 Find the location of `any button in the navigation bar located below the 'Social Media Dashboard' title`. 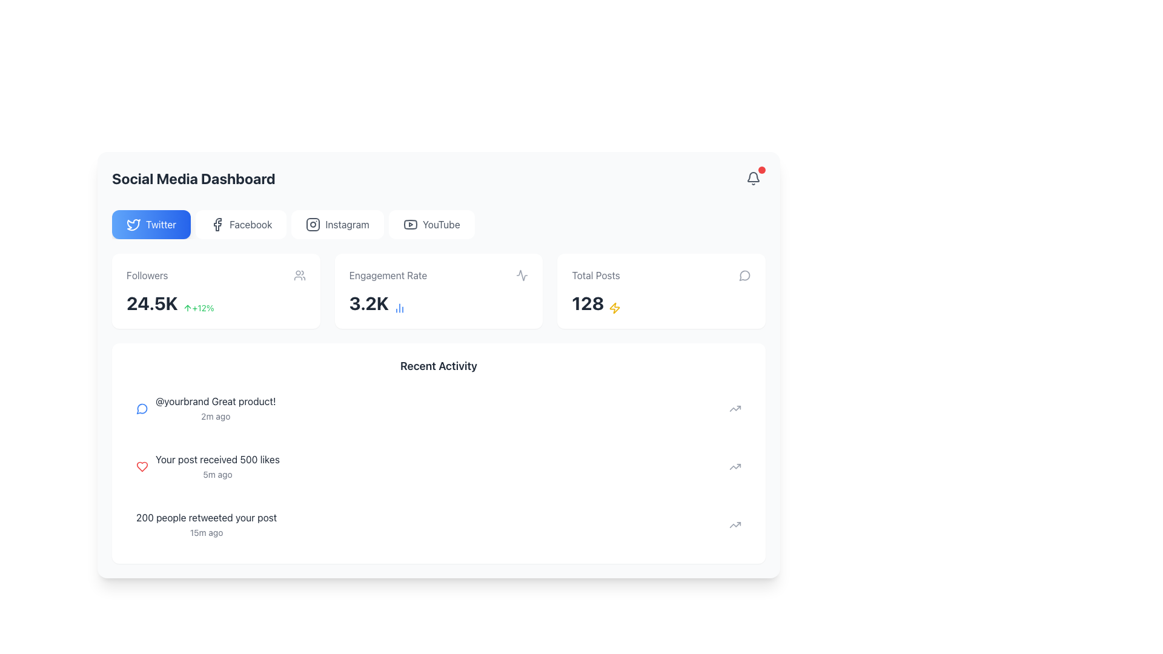

any button in the navigation bar located below the 'Social Media Dashboard' title is located at coordinates (438, 224).